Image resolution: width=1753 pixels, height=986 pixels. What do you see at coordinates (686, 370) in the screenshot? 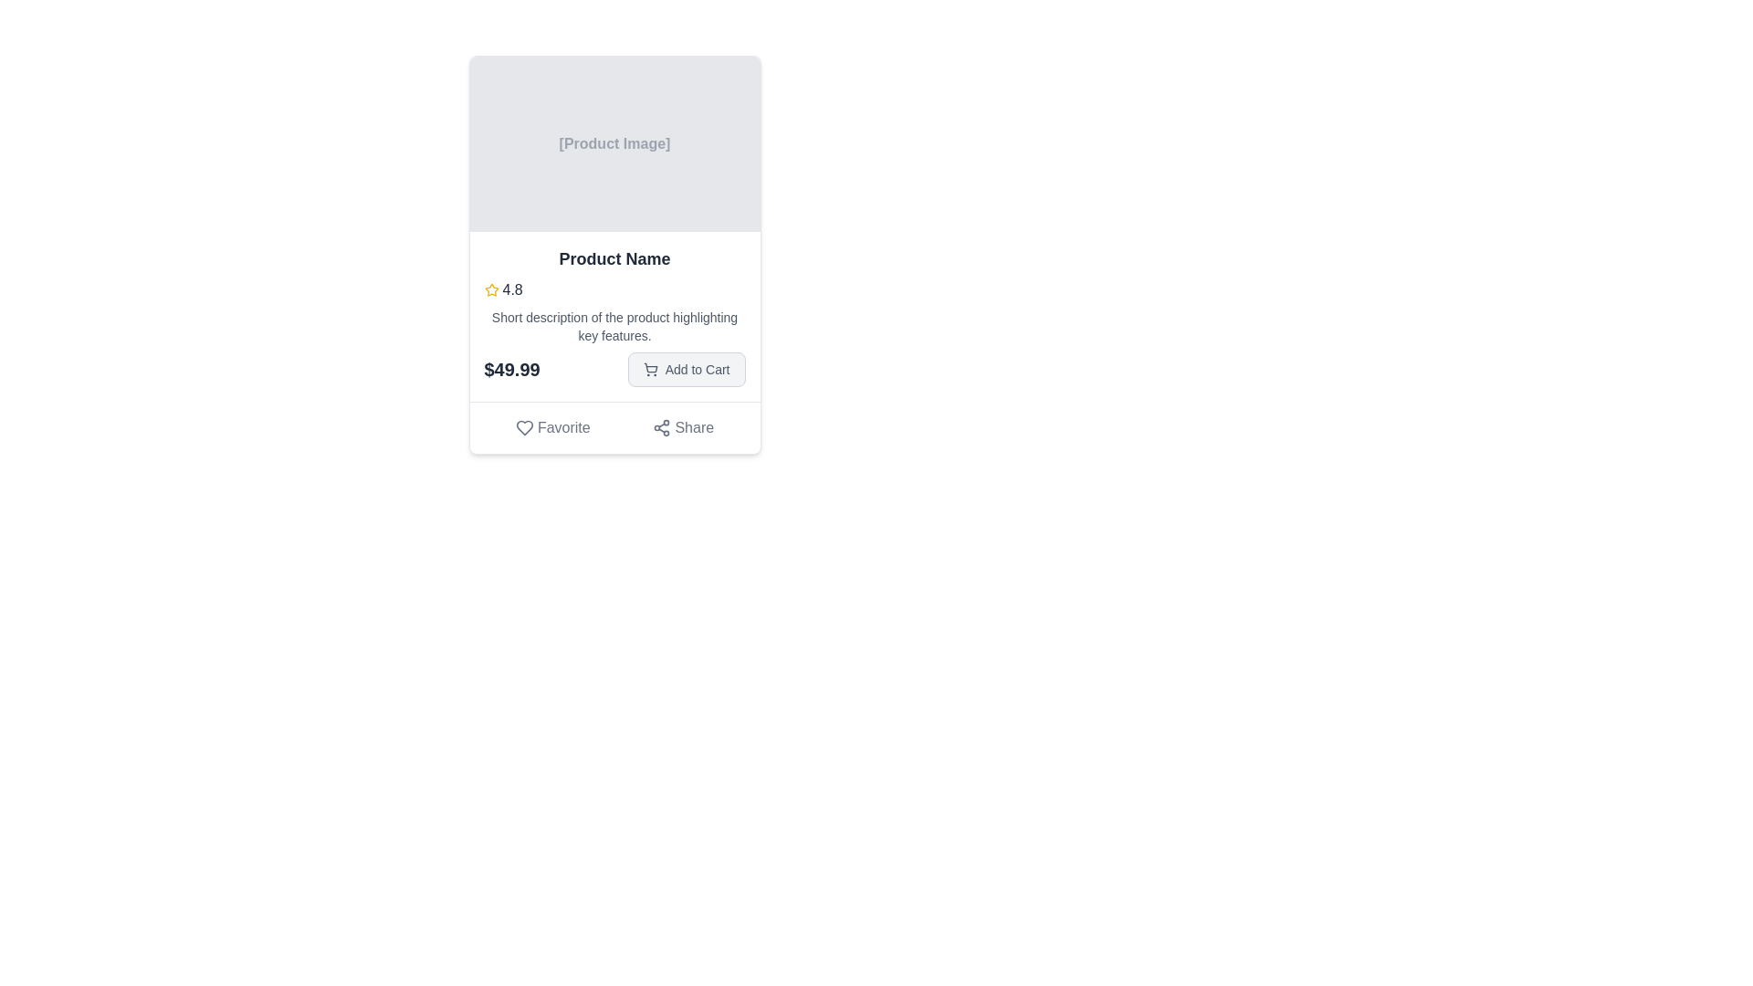
I see `the 'Add to Cart' button, which has a light gray background, rounded corners, and contains a shopping cart icon` at bounding box center [686, 370].